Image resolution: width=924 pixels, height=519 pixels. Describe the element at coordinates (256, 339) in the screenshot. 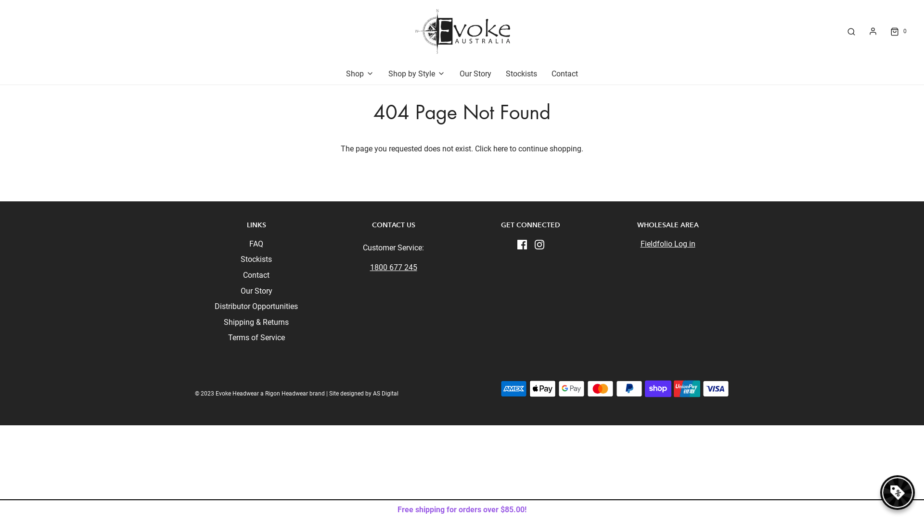

I see `'Terms of Service'` at that location.